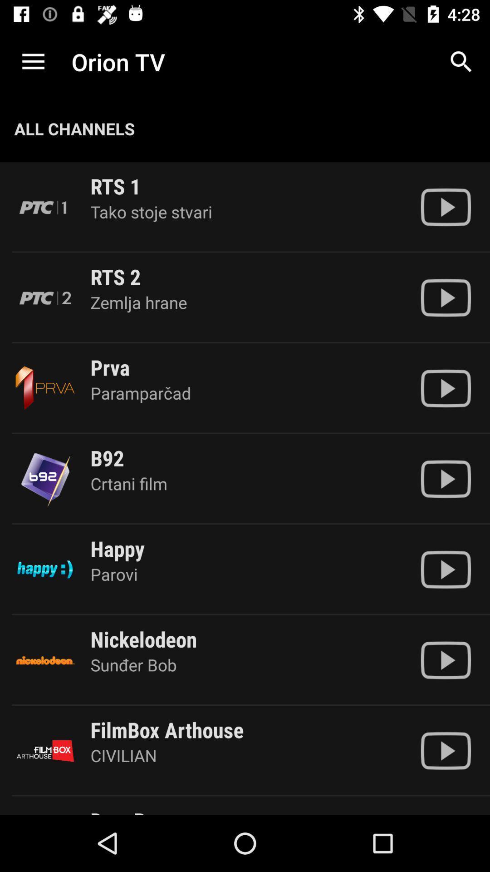 This screenshot has height=872, width=490. What do you see at coordinates (445, 297) in the screenshot?
I see `plays the channel` at bounding box center [445, 297].